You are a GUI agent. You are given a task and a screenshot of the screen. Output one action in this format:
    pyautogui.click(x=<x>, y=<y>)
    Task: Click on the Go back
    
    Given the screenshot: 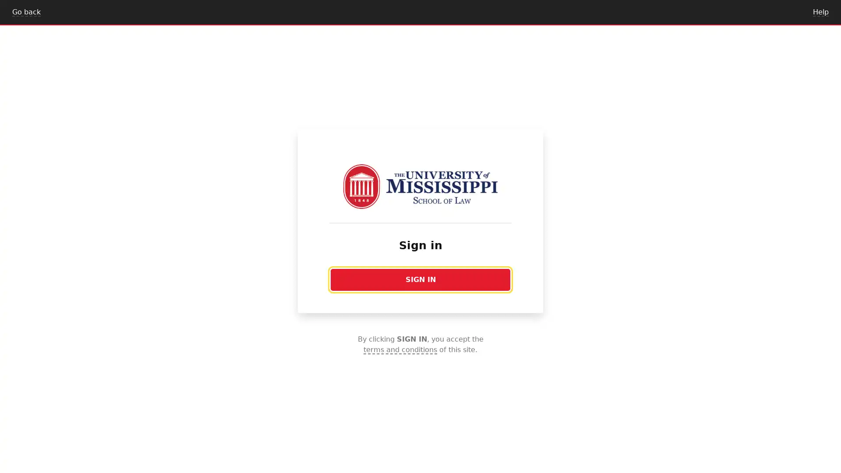 What is the action you would take?
    pyautogui.click(x=26, y=12)
    